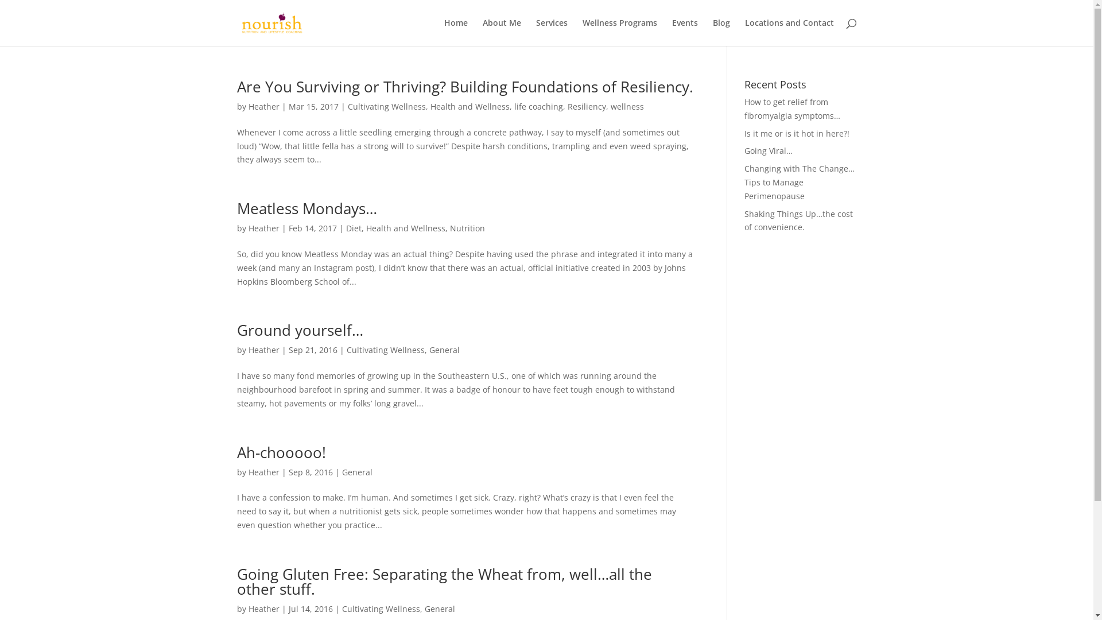 Image resolution: width=1102 pixels, height=620 pixels. What do you see at coordinates (405, 228) in the screenshot?
I see `'Health and Wellness'` at bounding box center [405, 228].